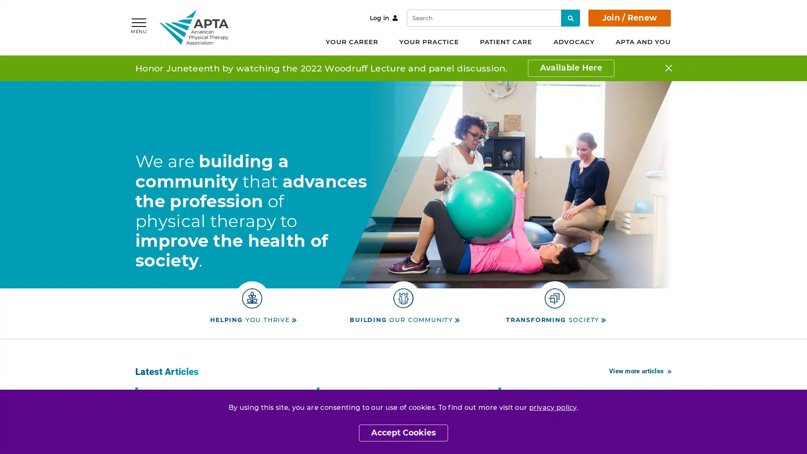 Image resolution: width=807 pixels, height=454 pixels. Describe the element at coordinates (139, 25) in the screenshot. I see `MENU` at that location.